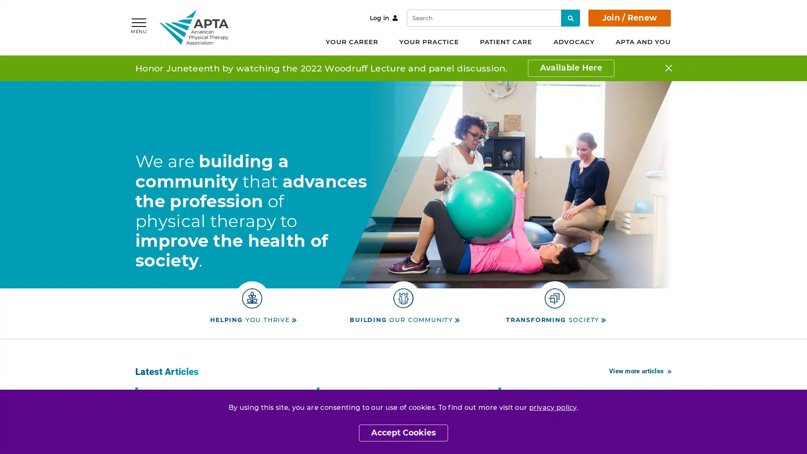 Image resolution: width=807 pixels, height=454 pixels. Describe the element at coordinates (139, 25) in the screenshot. I see `MENU` at that location.